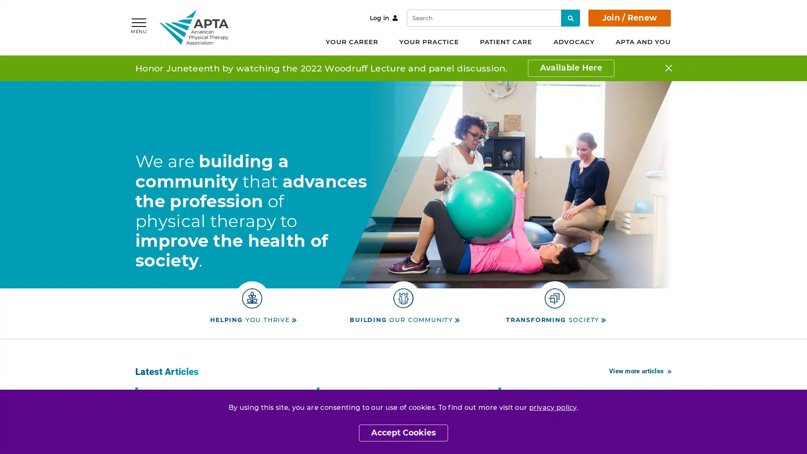 Image resolution: width=807 pixels, height=454 pixels. Describe the element at coordinates (139, 25) in the screenshot. I see `MENU` at that location.